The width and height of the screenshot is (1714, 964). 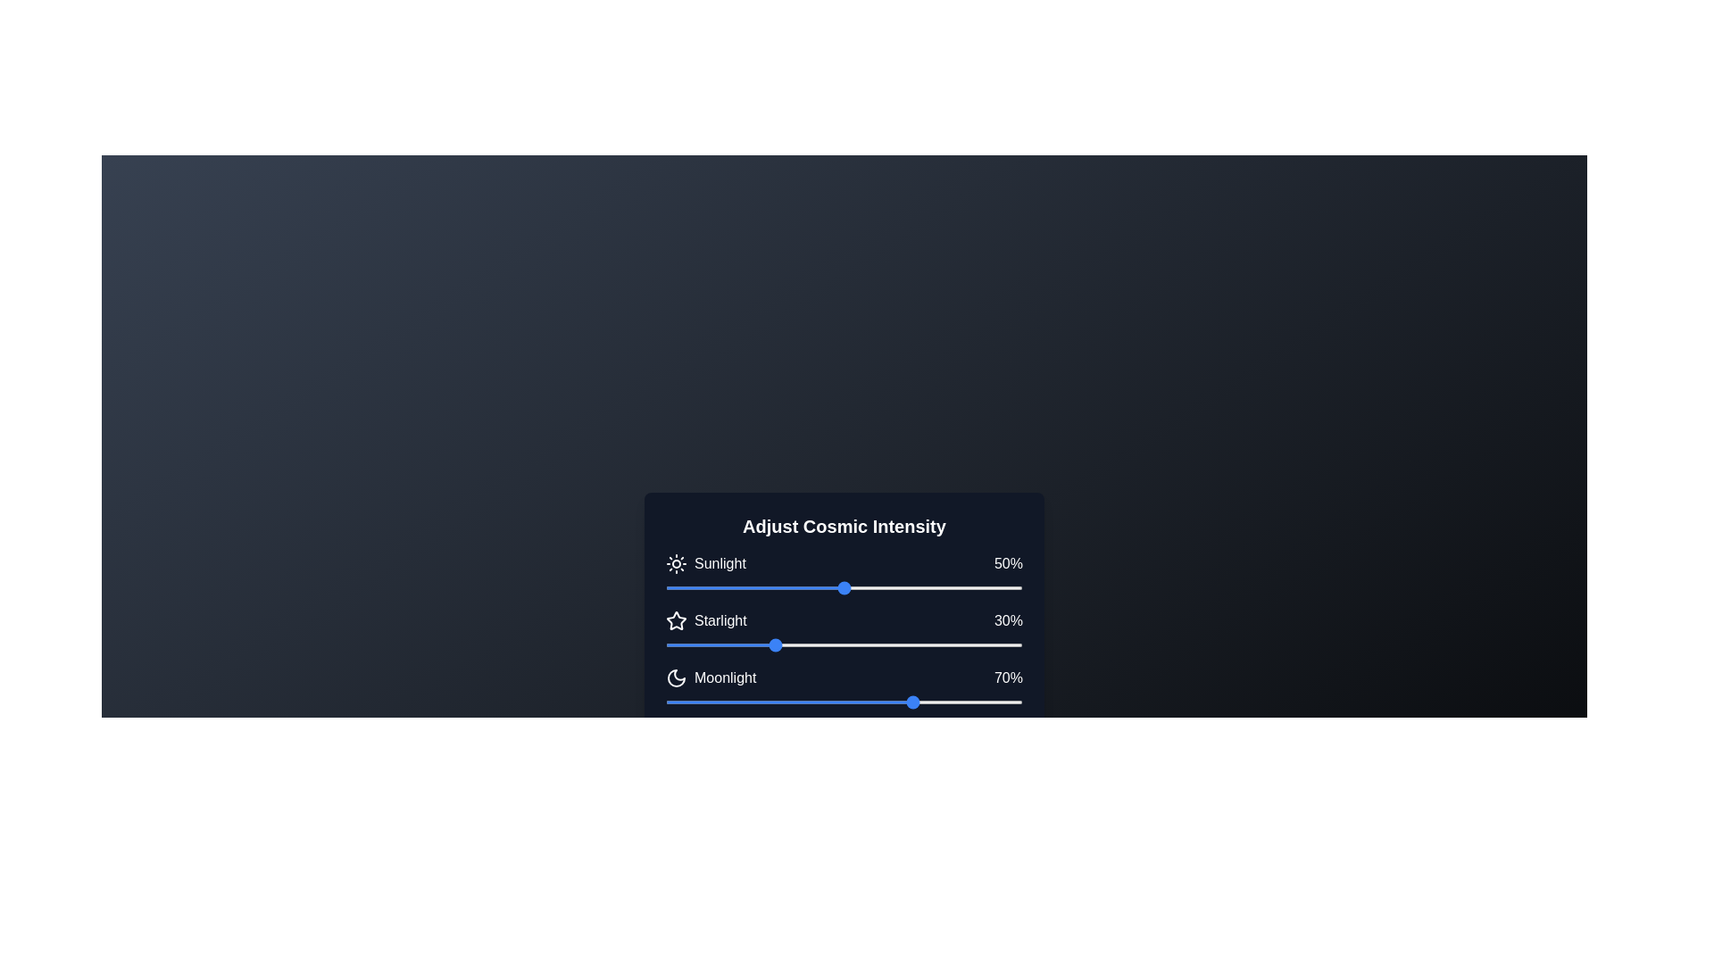 I want to click on the 'Starlight' slider to 41% intensity, so click(x=811, y=644).